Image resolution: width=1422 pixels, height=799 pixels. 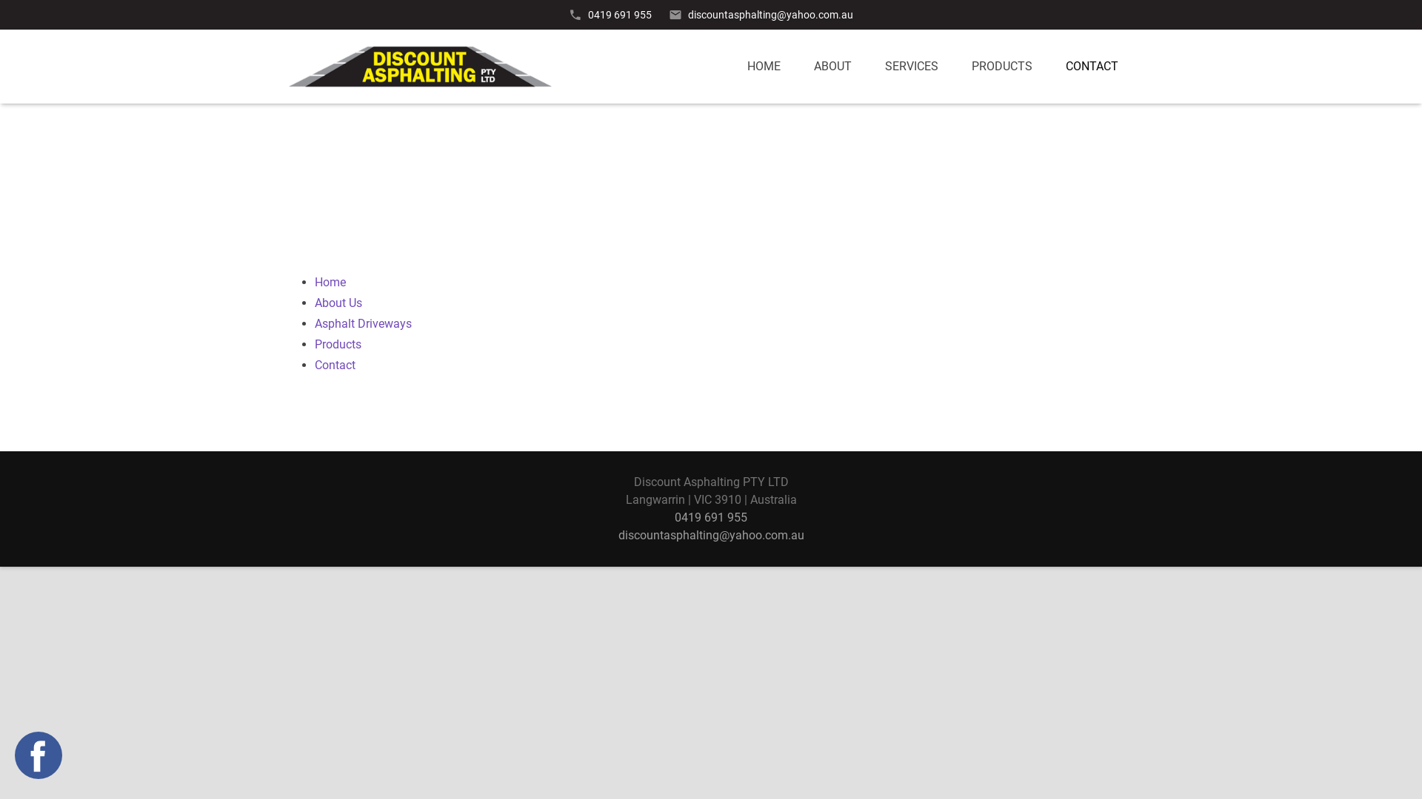 What do you see at coordinates (330, 282) in the screenshot?
I see `'Home'` at bounding box center [330, 282].